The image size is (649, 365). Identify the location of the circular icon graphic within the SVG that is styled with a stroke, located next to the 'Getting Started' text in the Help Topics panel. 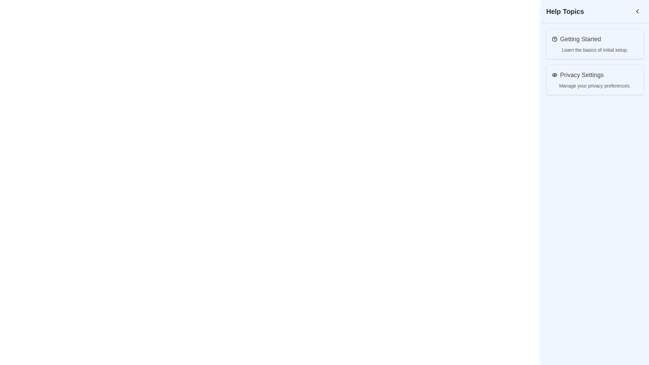
(555, 39).